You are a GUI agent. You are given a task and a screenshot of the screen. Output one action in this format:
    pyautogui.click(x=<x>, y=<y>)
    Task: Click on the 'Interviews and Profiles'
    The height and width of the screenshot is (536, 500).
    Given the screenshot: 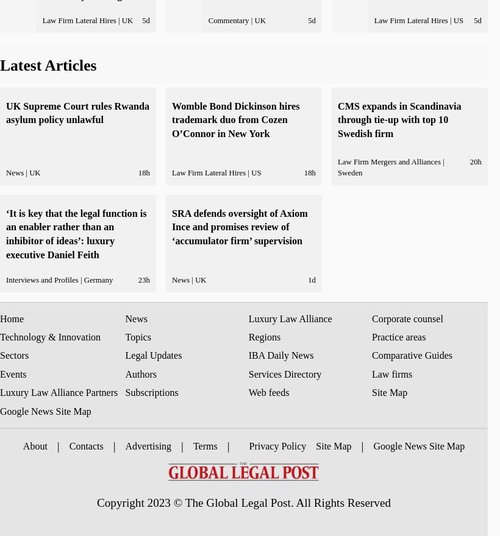 What is the action you would take?
    pyautogui.click(x=5, y=279)
    